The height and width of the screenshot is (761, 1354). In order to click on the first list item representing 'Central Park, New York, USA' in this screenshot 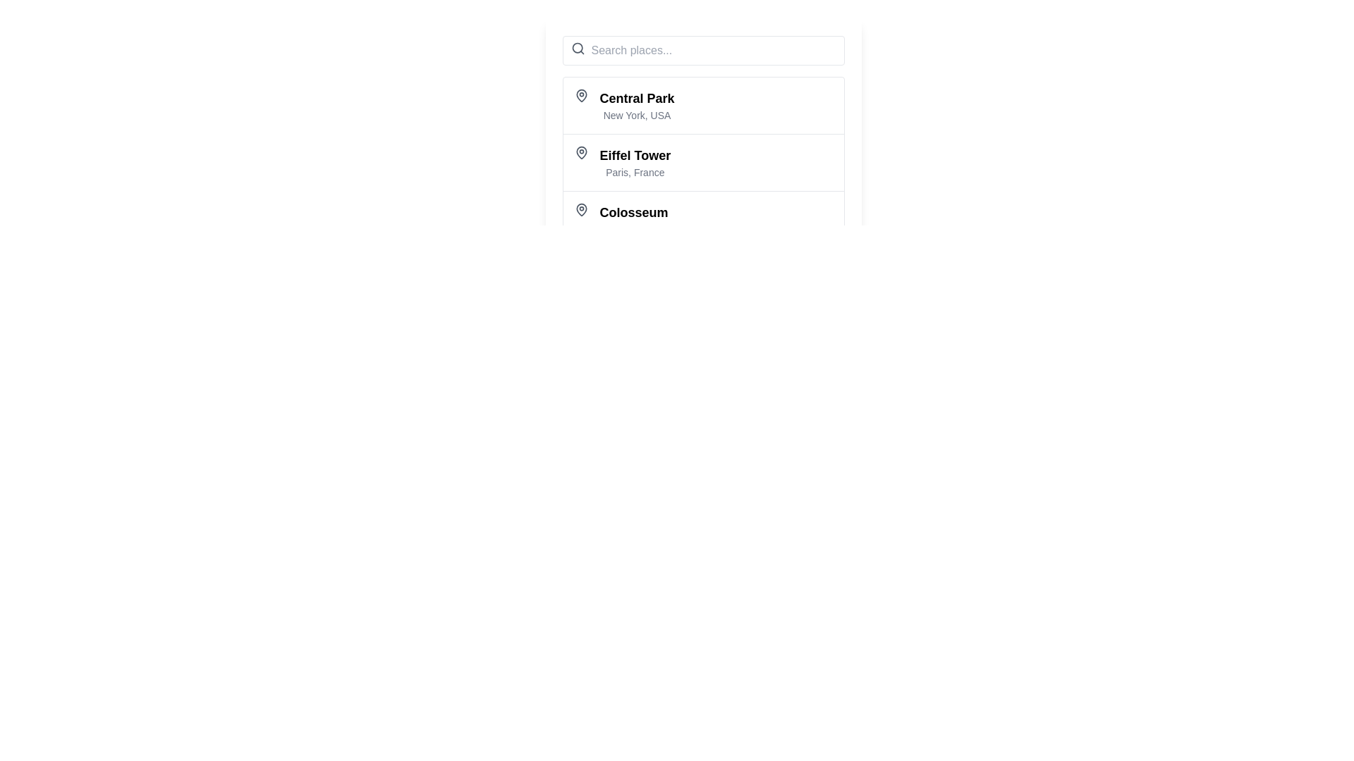, I will do `click(703, 105)`.